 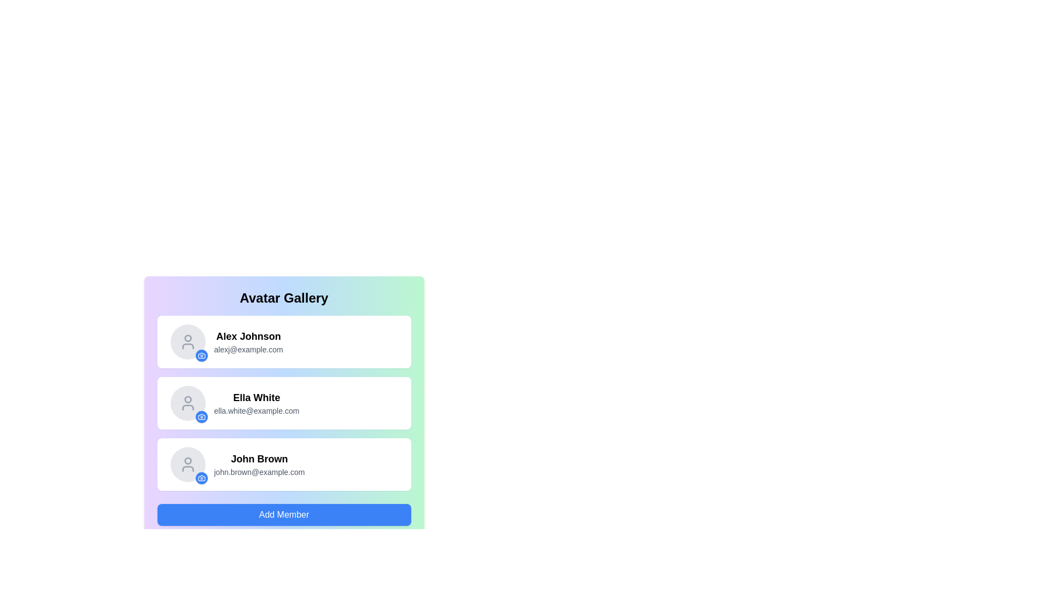 What do you see at coordinates (188, 461) in the screenshot?
I see `the circular icon in the user profile image of 'John Brown', located in the top-left section of the profile picture` at bounding box center [188, 461].